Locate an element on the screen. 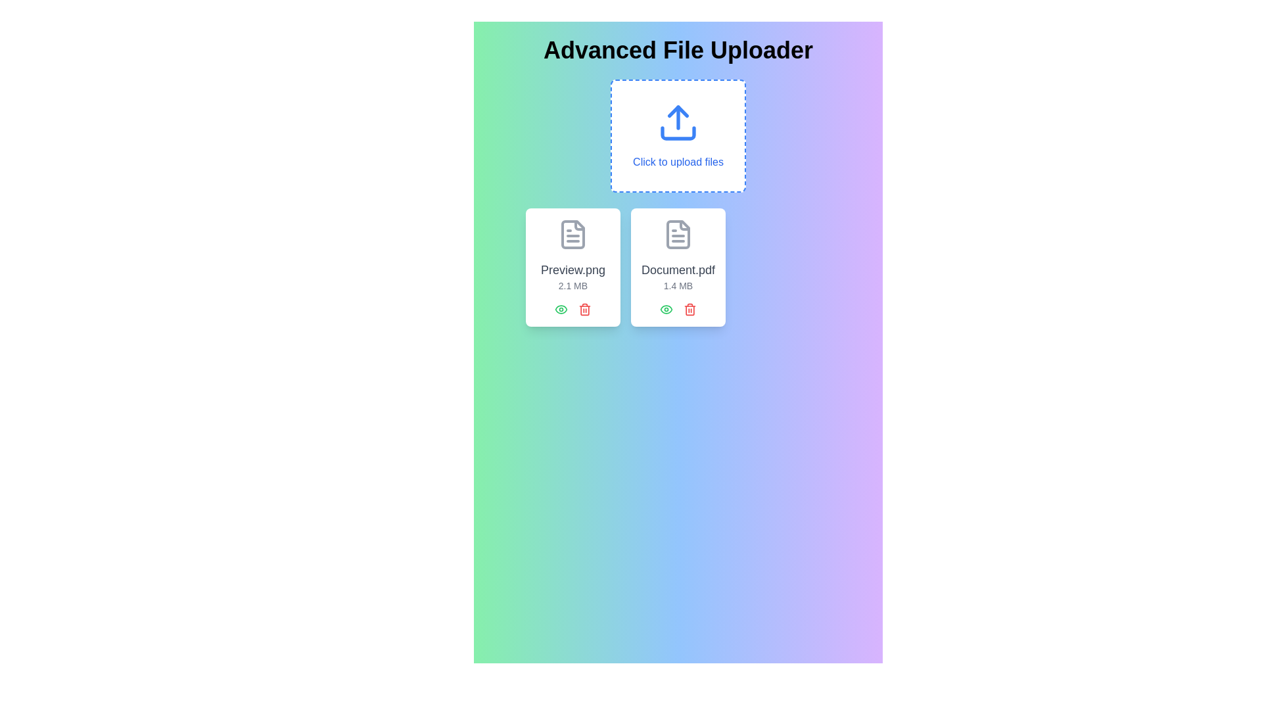 Image resolution: width=1262 pixels, height=710 pixels. the eye icon representing the visibility toggle, located at the bottom-left of the center of the rectangular card containing the file's details is located at coordinates (666, 309).